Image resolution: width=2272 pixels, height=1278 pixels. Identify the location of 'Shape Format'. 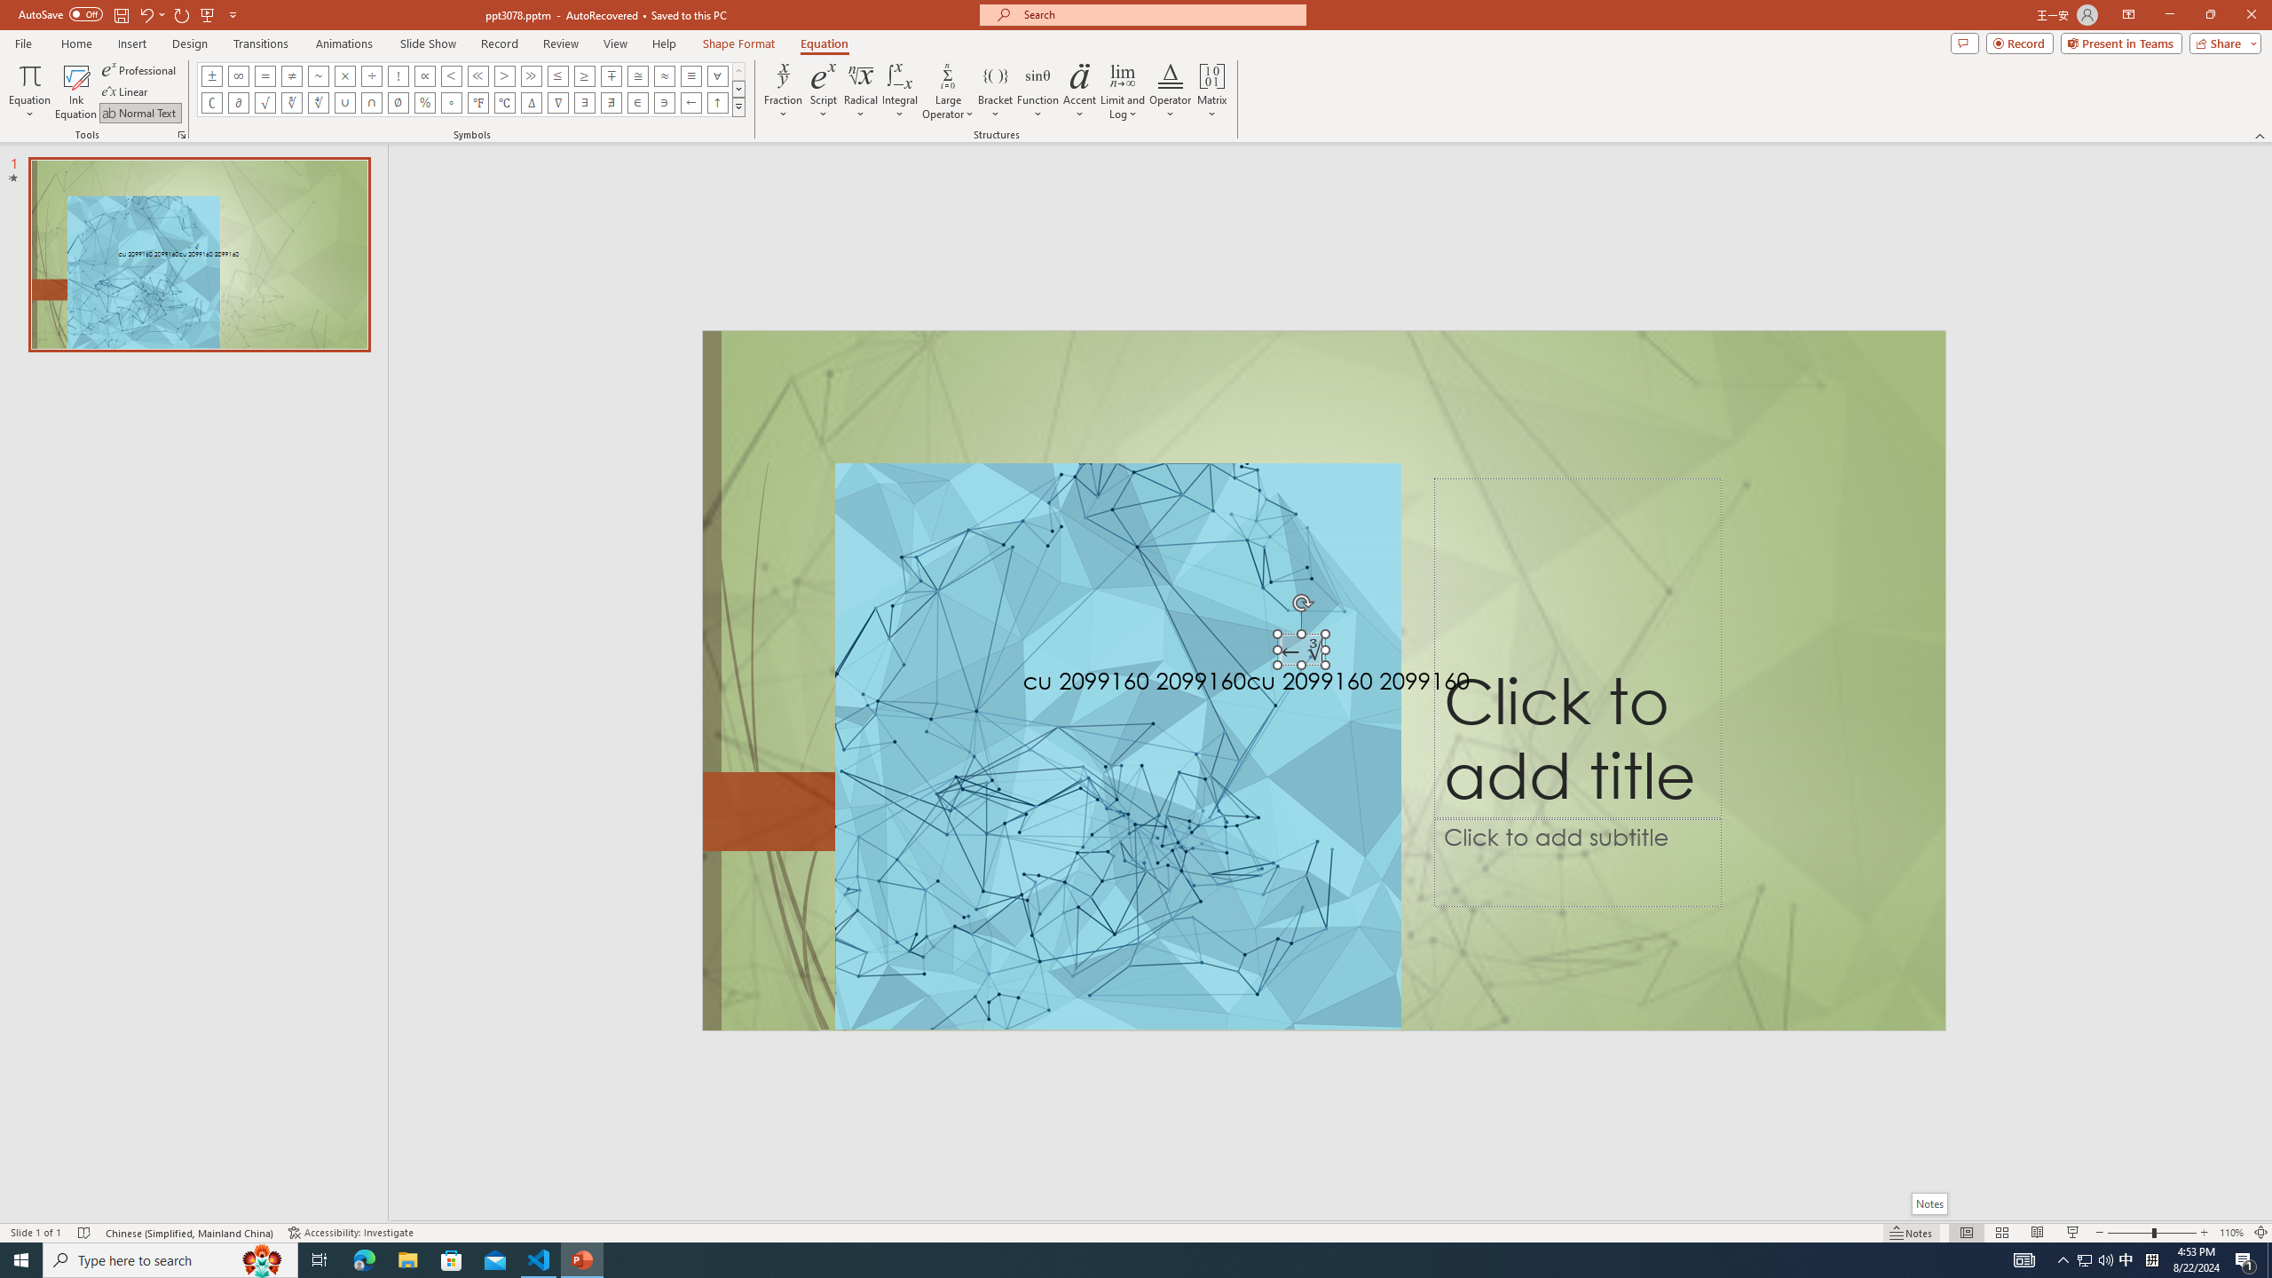
(738, 43).